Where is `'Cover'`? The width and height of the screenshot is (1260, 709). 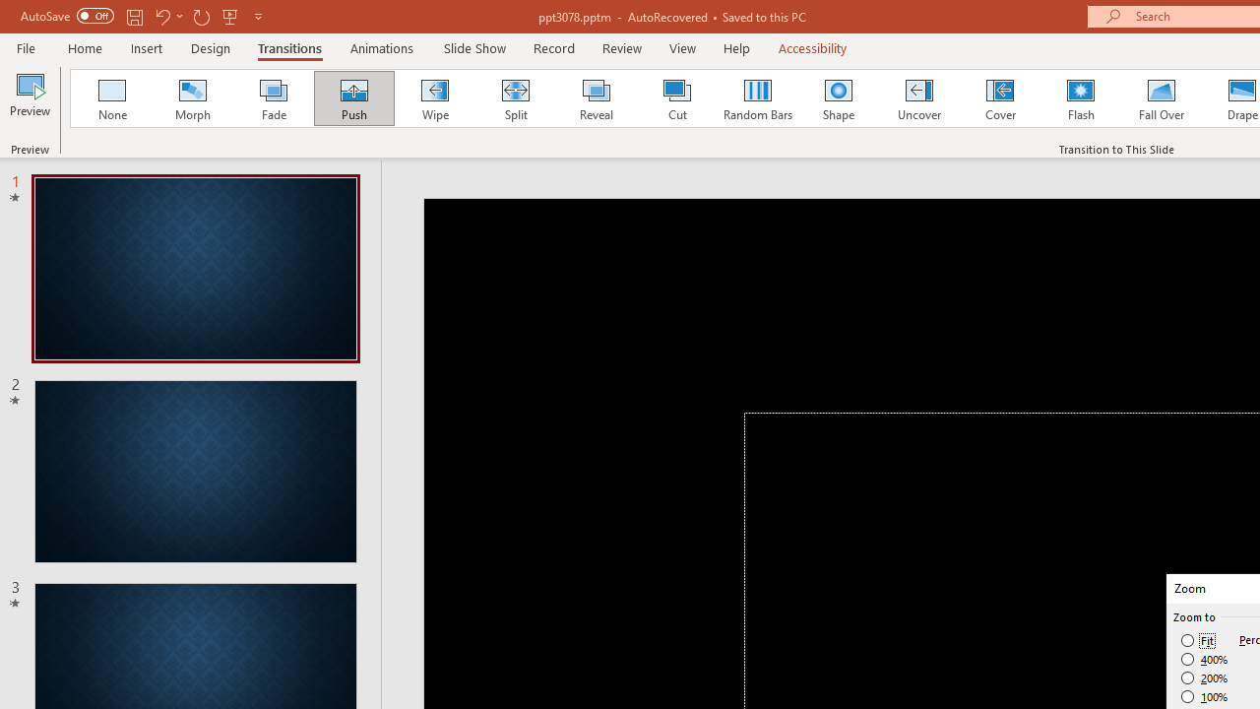 'Cover' is located at coordinates (1000, 98).